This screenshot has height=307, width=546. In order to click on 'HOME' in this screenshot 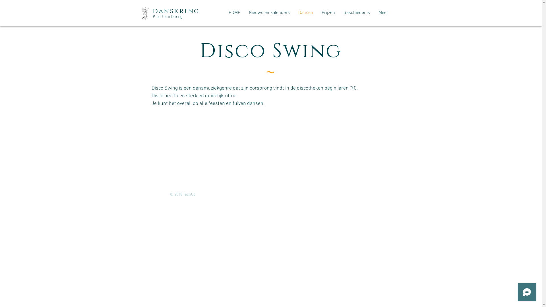, I will do `click(234, 13)`.